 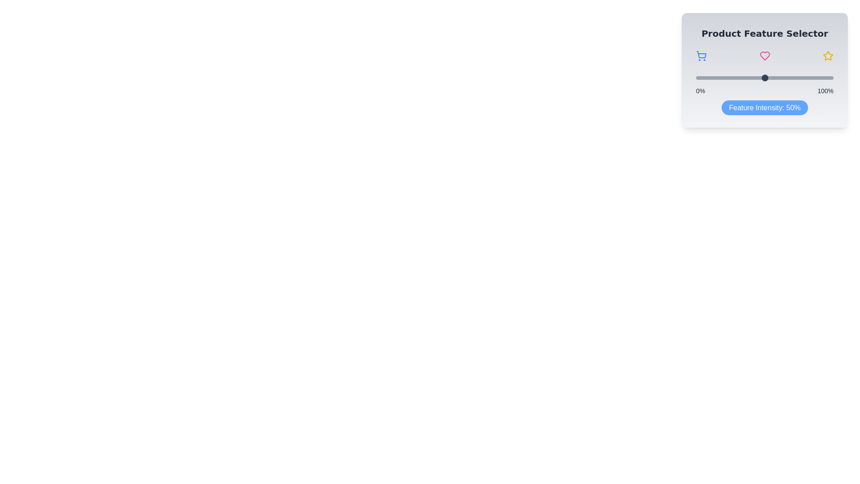 I want to click on the star icon, so click(x=827, y=56).